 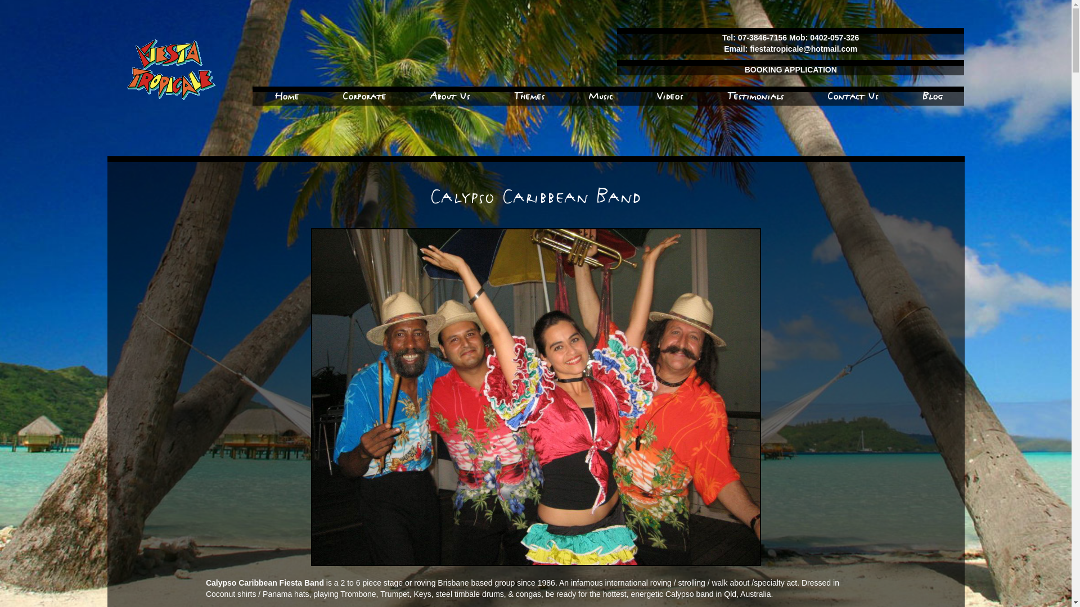 I want to click on 'About Us', so click(x=429, y=95).